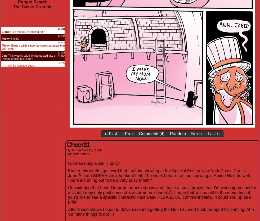 The height and width of the screenshot is (221, 260). Describe the element at coordinates (94, 163) in the screenshot. I see `'Oh man busy week is busy!'` at that location.